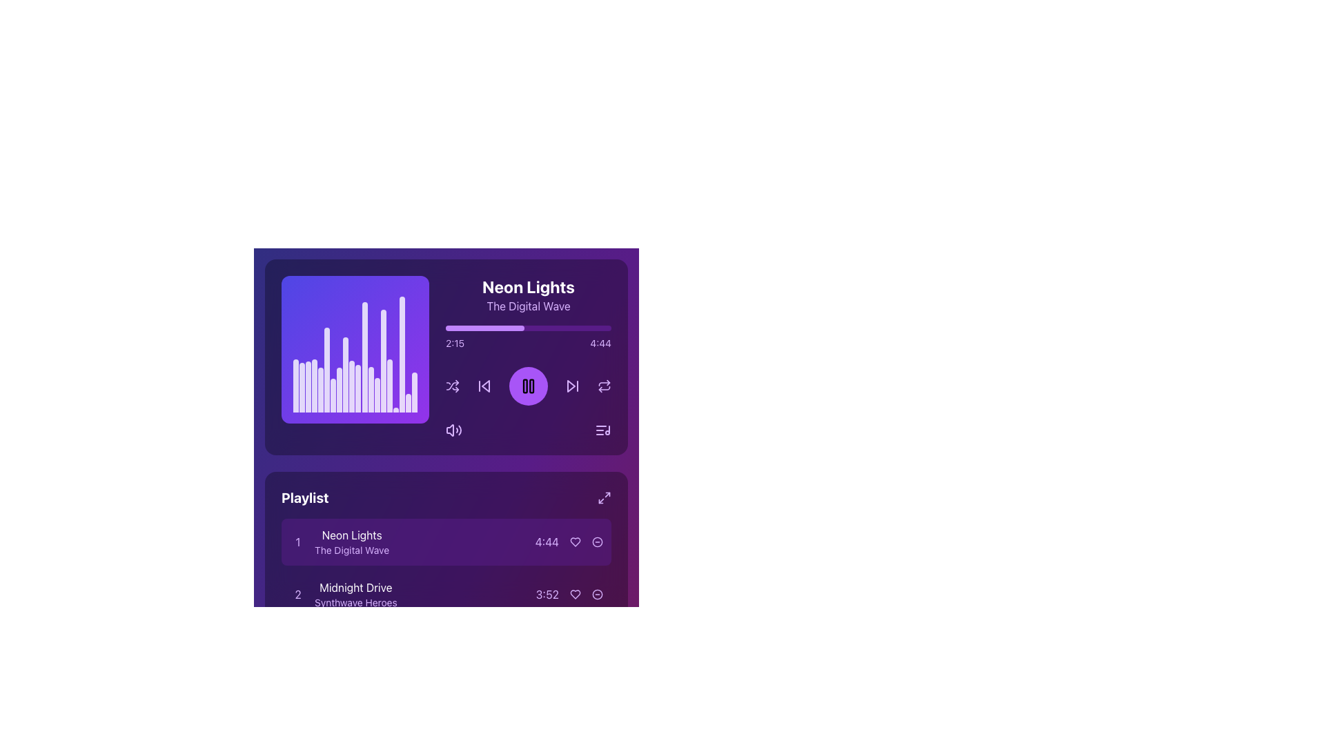 This screenshot has width=1325, height=745. What do you see at coordinates (528, 386) in the screenshot?
I see `the circular purple pause button located in the playback controls` at bounding box center [528, 386].